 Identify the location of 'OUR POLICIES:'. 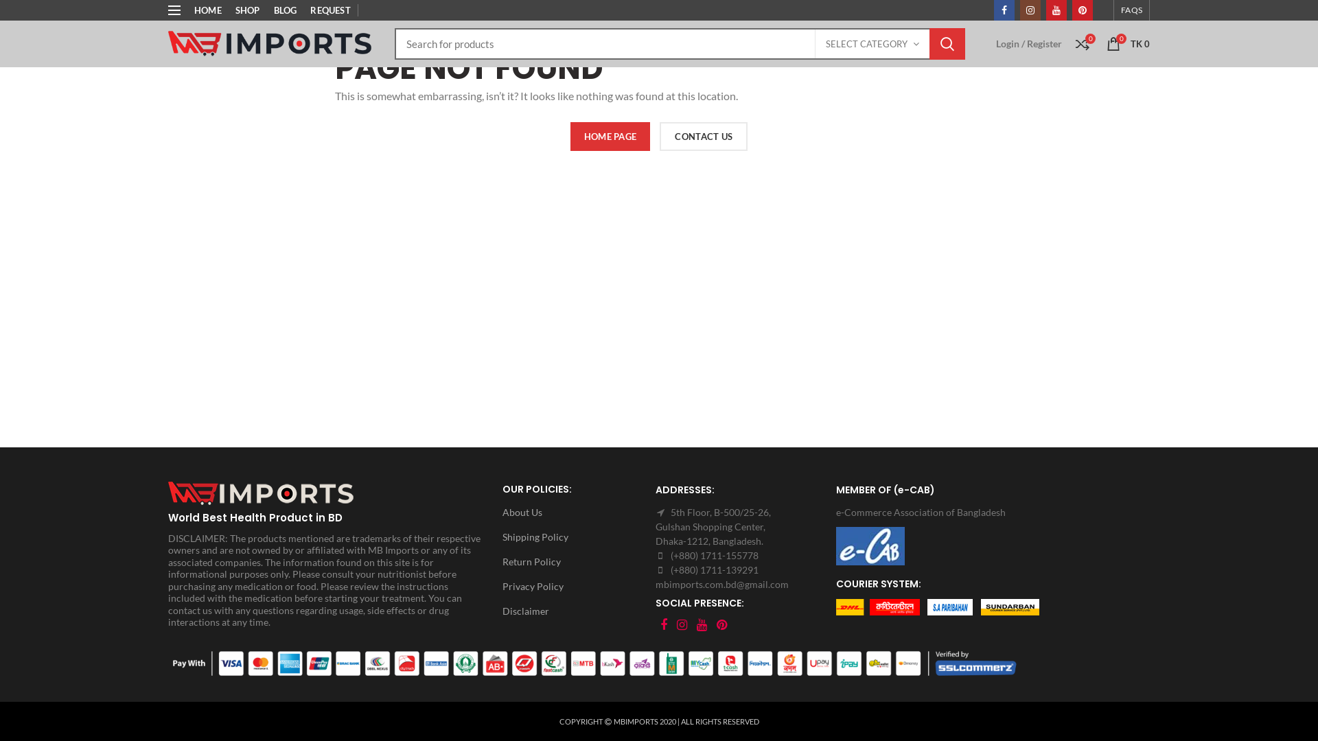
(575, 489).